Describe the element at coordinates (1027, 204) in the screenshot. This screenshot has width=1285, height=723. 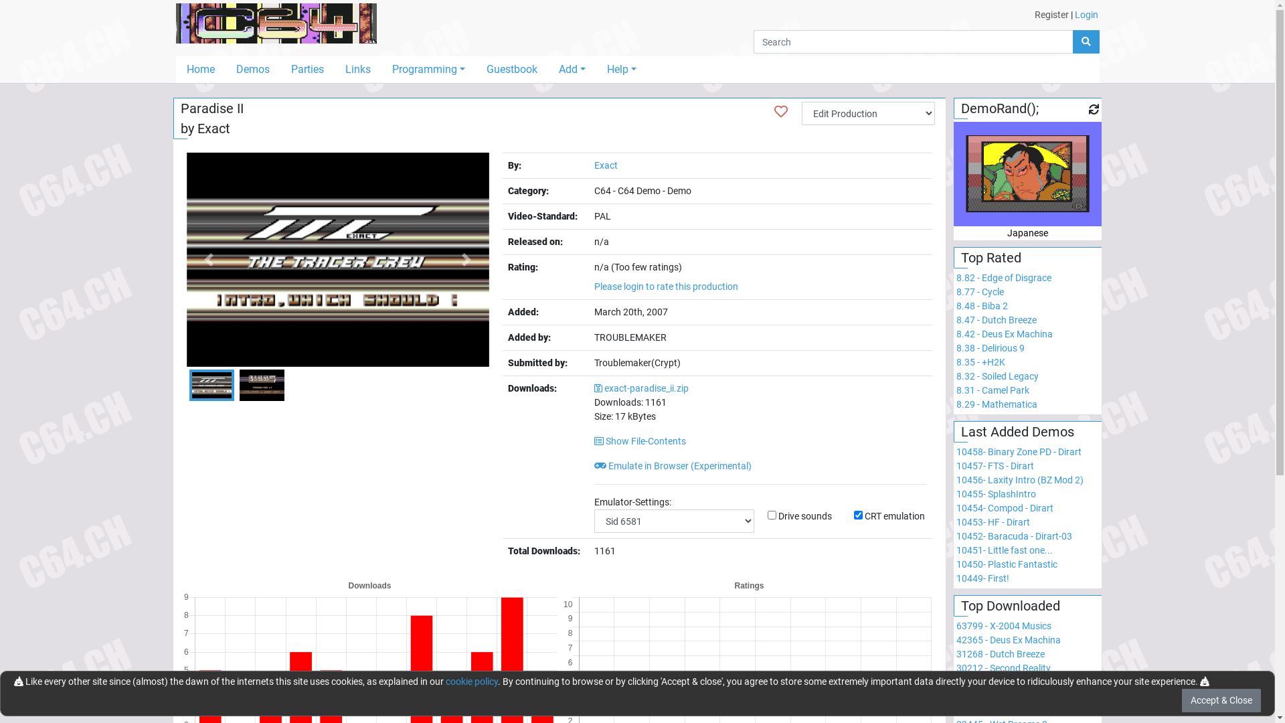
I see `'Japanese'` at that location.